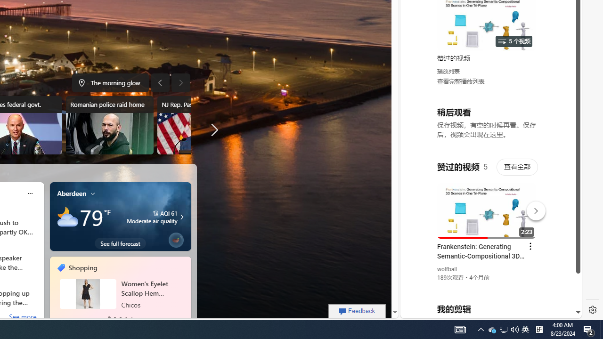 The width and height of the screenshot is (603, 339). What do you see at coordinates (418, 203) in the screenshot?
I see `'Global web icon'` at bounding box center [418, 203].